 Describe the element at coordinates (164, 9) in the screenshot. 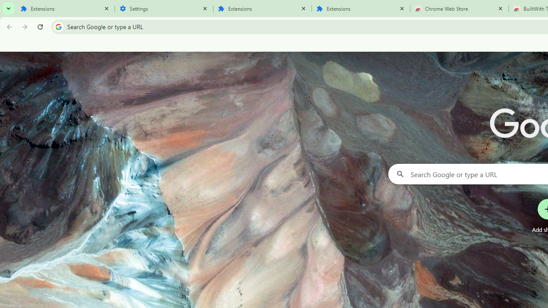

I see `'Settings'` at that location.